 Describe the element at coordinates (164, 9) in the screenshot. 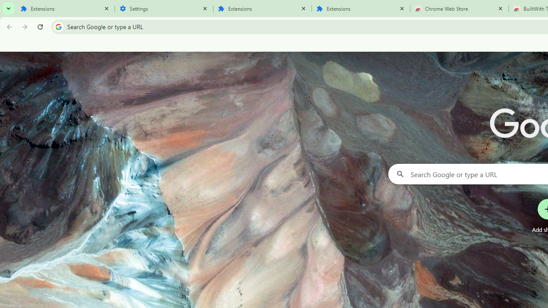

I see `'Settings'` at that location.